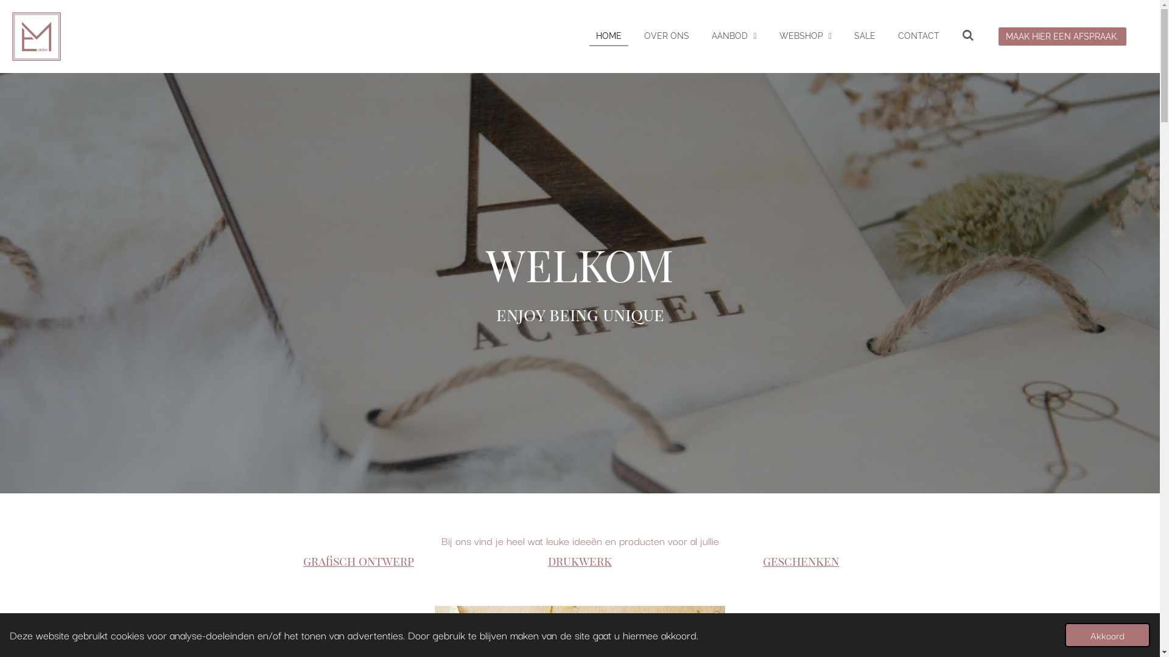 This screenshot has width=1169, height=657. Describe the element at coordinates (801, 560) in the screenshot. I see `'geschenken'` at that location.